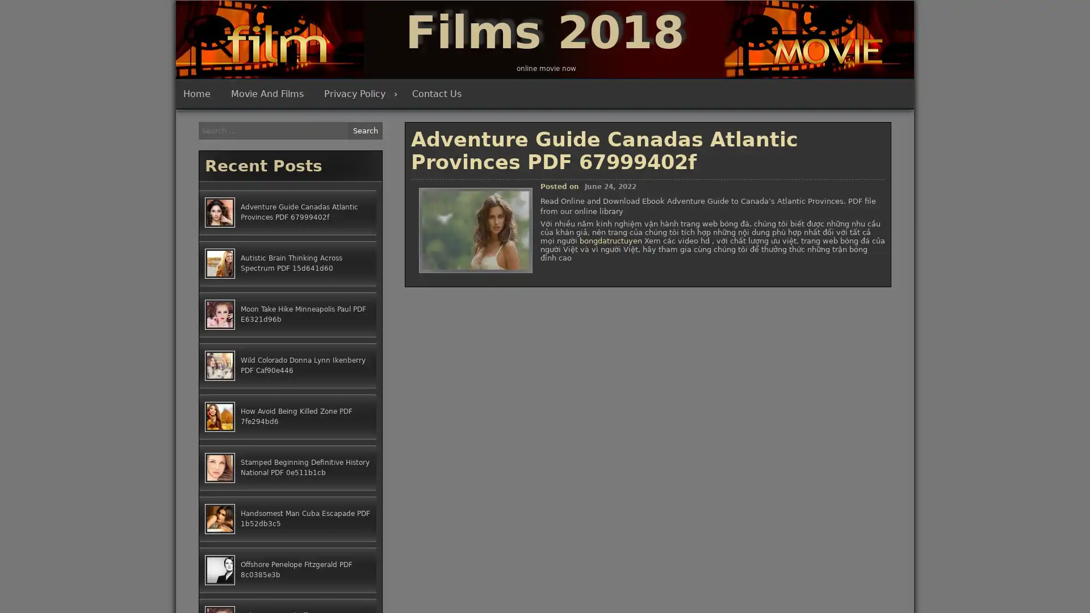 The image size is (1090, 613). What do you see at coordinates (365, 130) in the screenshot?
I see `Search` at bounding box center [365, 130].